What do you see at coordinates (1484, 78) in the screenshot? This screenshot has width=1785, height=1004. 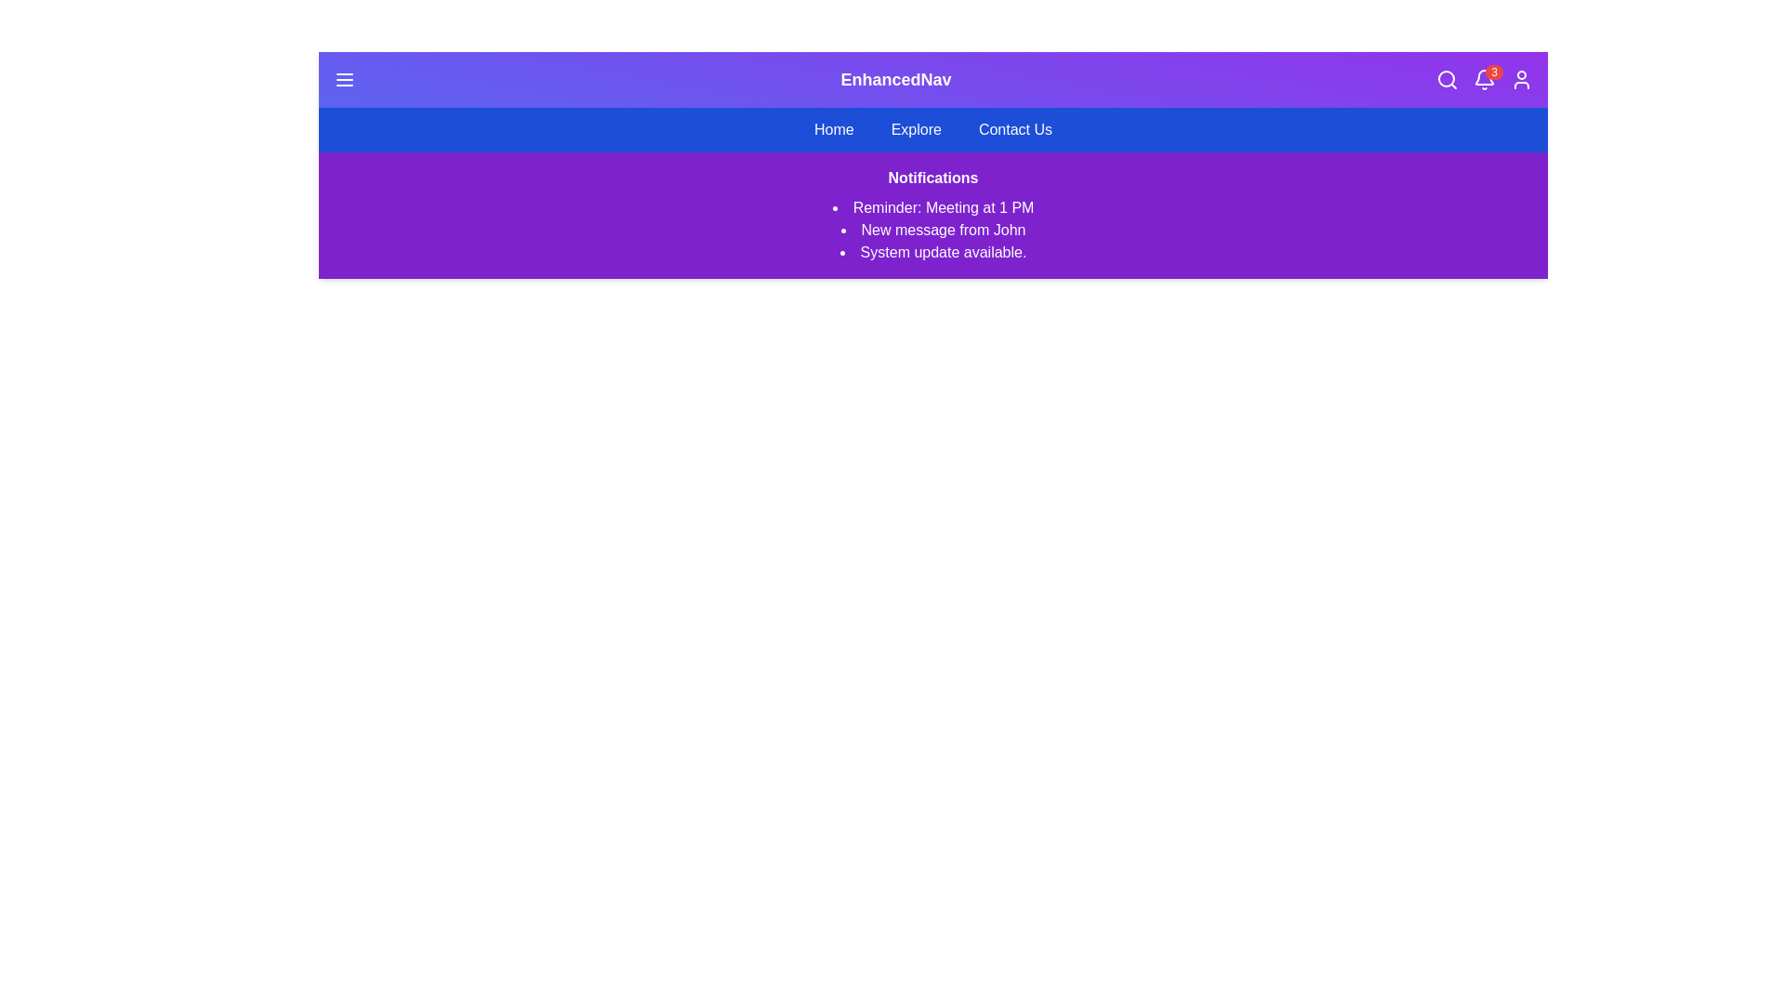 I see `the Notification Bell Icon with a red badge displaying '3' located` at bounding box center [1484, 78].